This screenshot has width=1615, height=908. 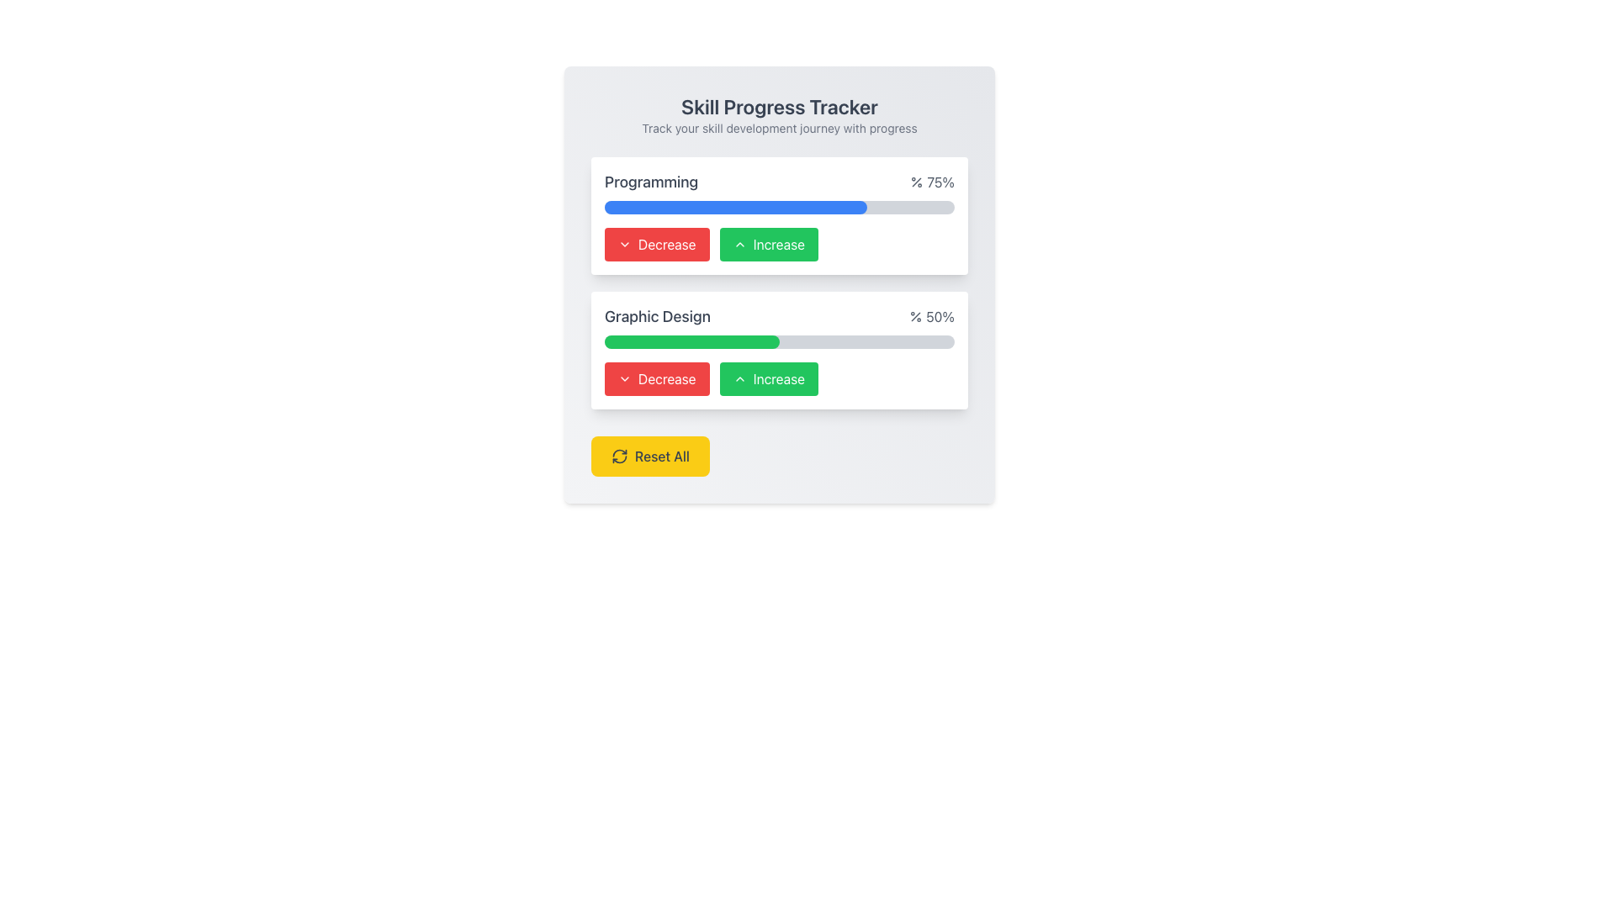 What do you see at coordinates (656, 244) in the screenshot?
I see `the red rectangular button labeled 'Decrease' located in the 'Programming' skill progress section` at bounding box center [656, 244].